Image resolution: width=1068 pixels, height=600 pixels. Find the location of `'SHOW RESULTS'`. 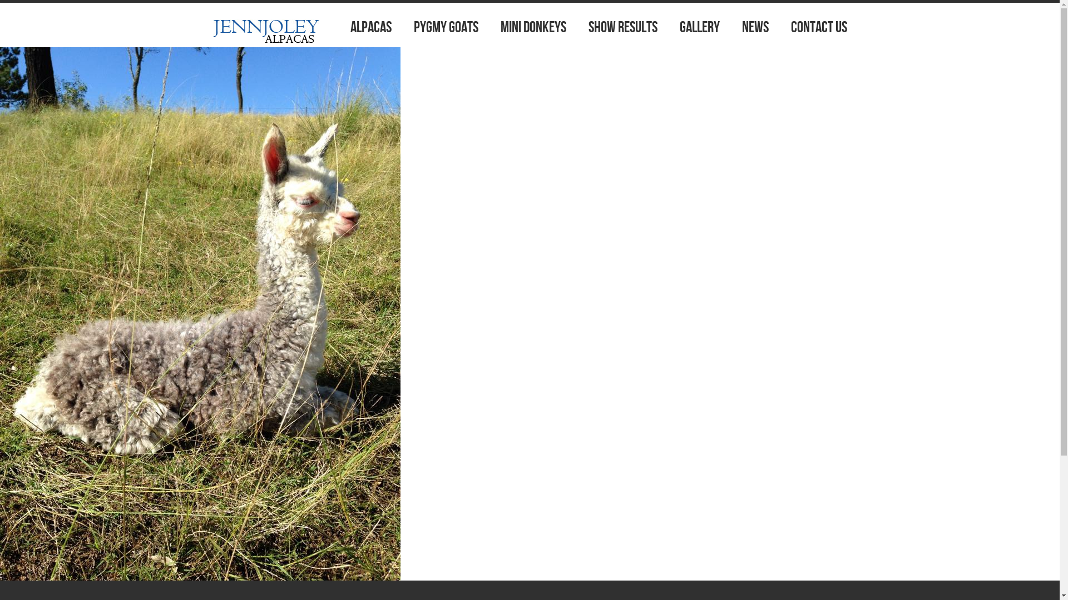

'SHOW RESULTS' is located at coordinates (622, 27).